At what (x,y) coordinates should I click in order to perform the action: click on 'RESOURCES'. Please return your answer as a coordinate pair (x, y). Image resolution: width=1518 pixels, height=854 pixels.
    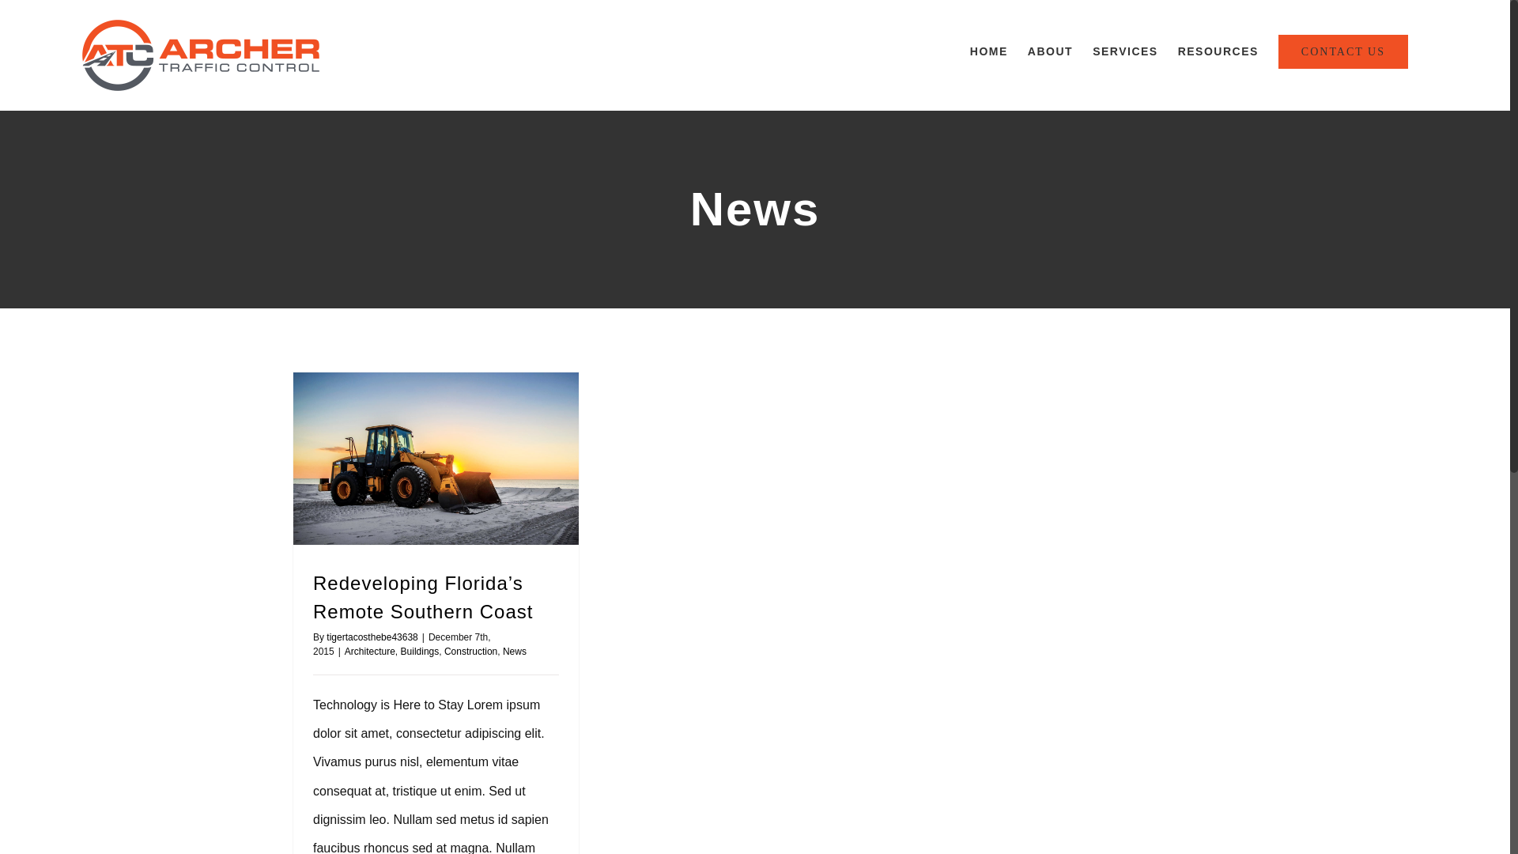
    Looking at the image, I should click on (1217, 51).